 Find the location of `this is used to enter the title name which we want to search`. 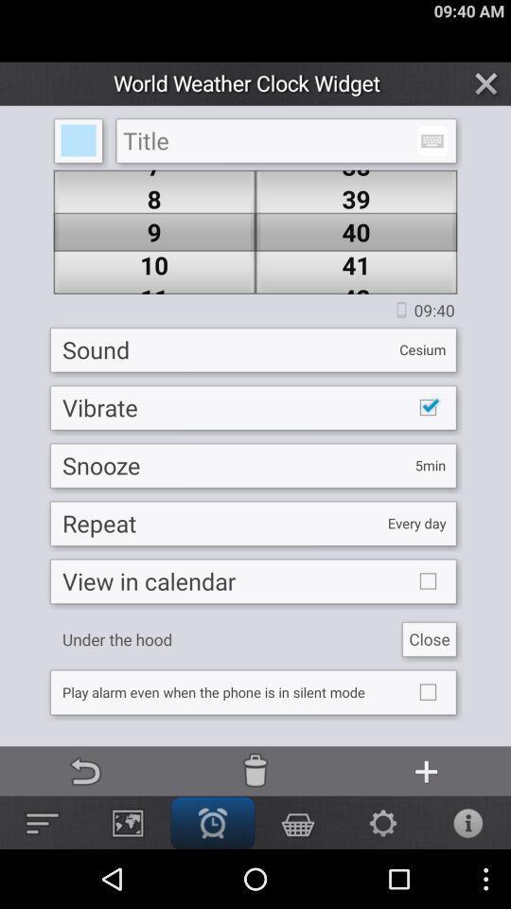

this is used to enter the title name which we want to search is located at coordinates (285, 140).